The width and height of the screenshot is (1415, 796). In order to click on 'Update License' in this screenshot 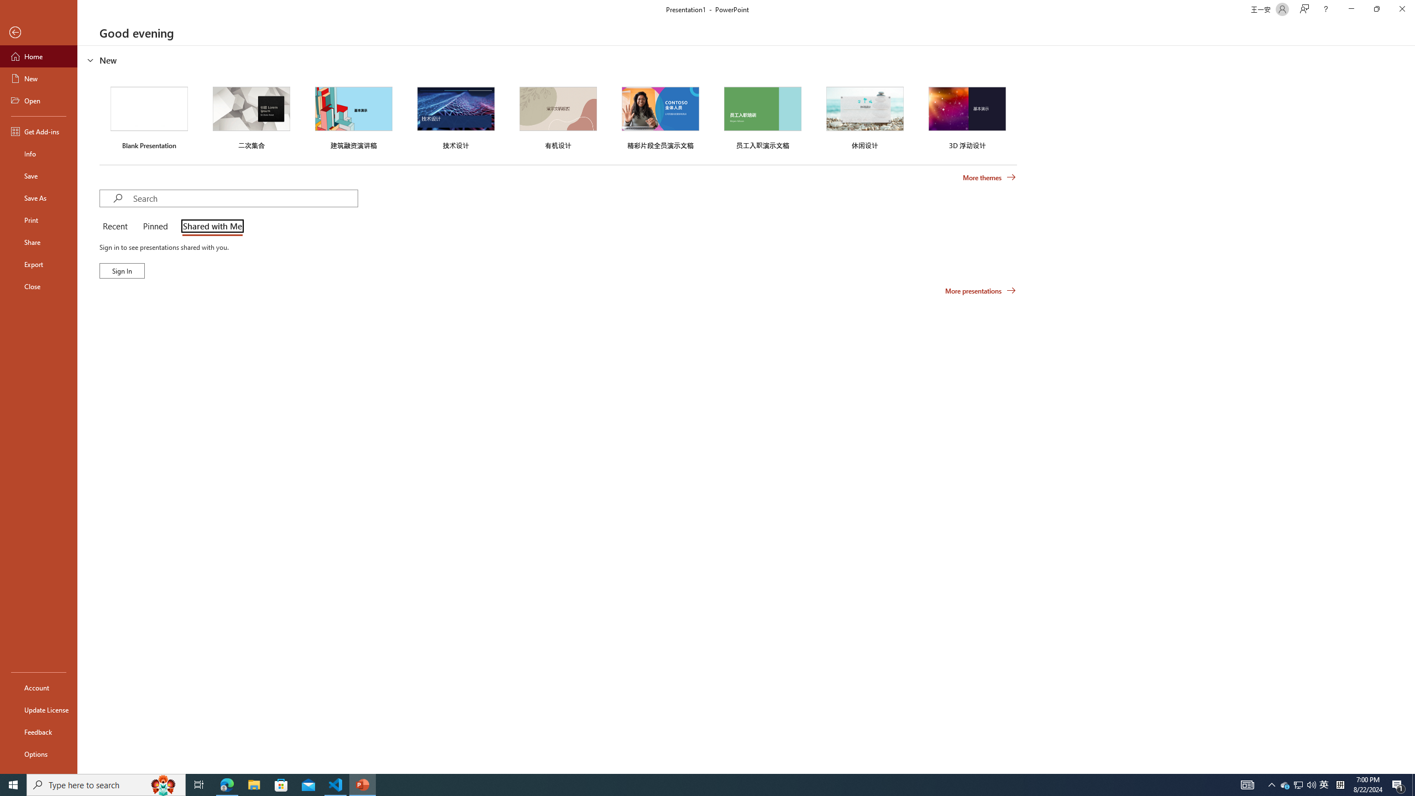, I will do `click(38, 709)`.